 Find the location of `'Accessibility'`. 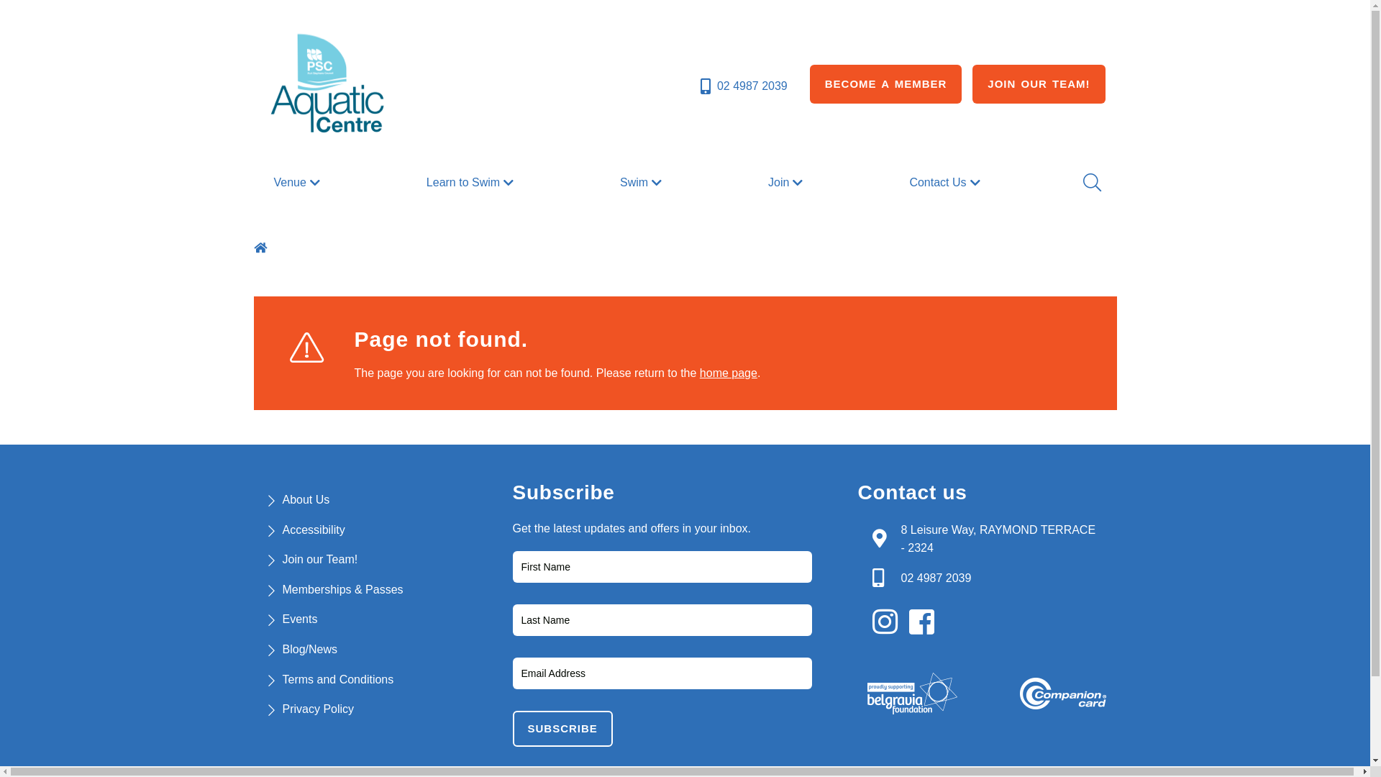

'Accessibility' is located at coordinates (312, 530).